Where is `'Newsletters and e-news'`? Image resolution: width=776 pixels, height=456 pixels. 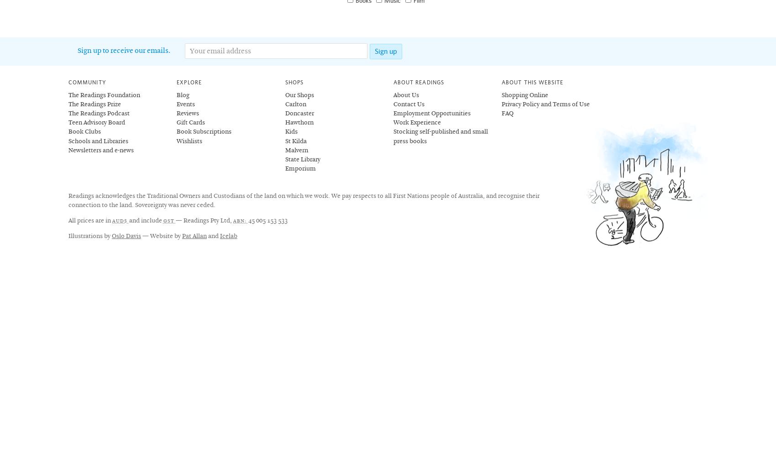 'Newsletters and e-news' is located at coordinates (101, 150).